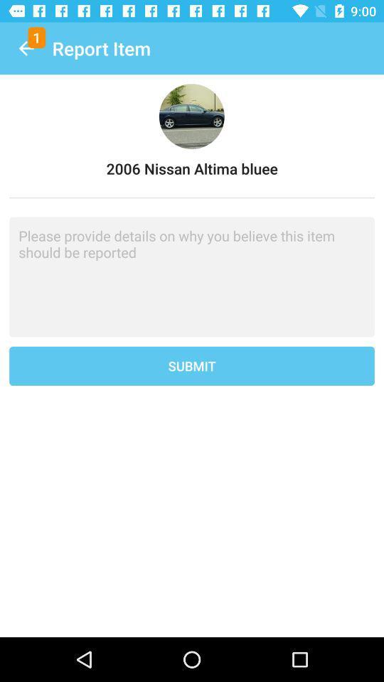 The width and height of the screenshot is (384, 682). What do you see at coordinates (192, 276) in the screenshot?
I see `report information` at bounding box center [192, 276].